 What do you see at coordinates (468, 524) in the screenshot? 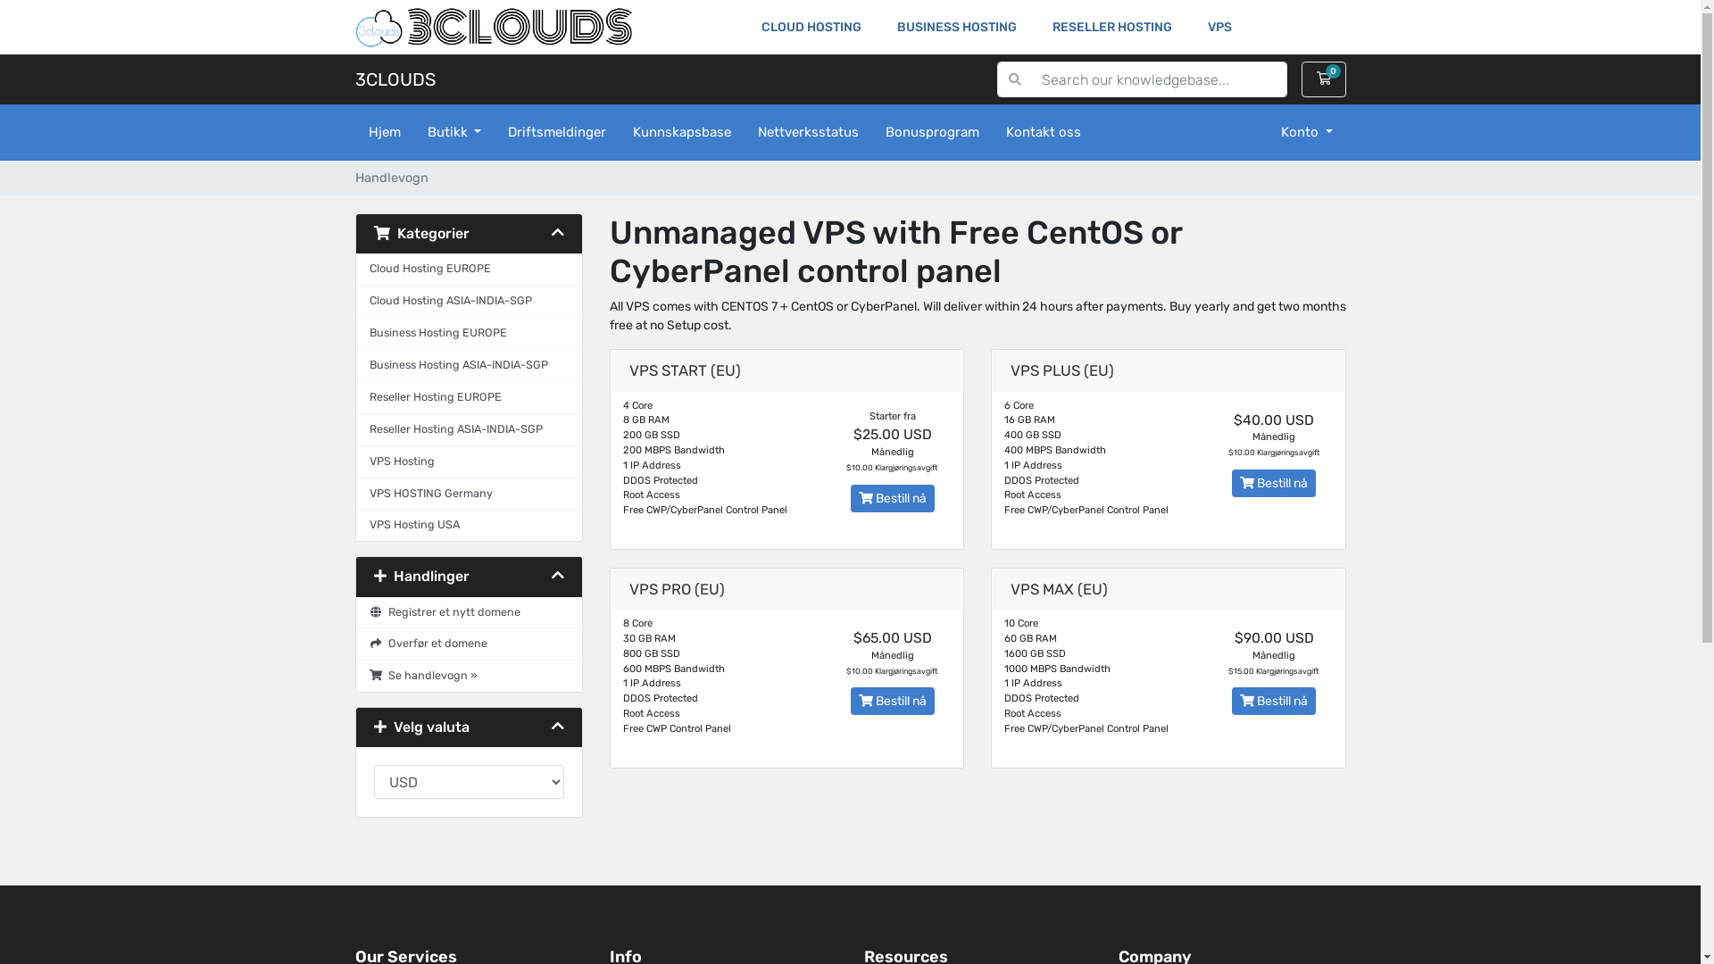
I see `'VPS Hosting USA'` at bounding box center [468, 524].